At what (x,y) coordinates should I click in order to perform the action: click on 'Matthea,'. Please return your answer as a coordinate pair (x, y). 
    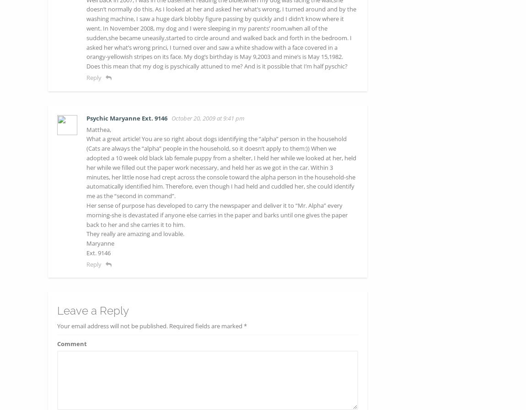
    Looking at the image, I should click on (98, 129).